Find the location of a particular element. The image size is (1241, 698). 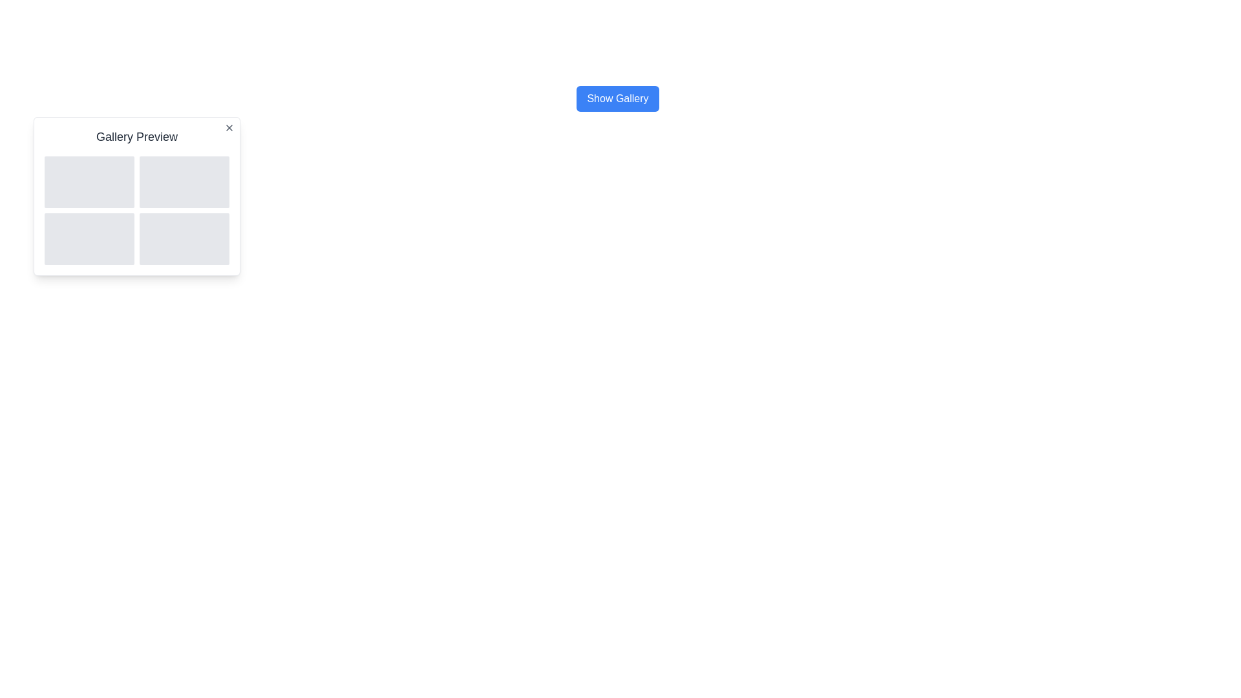

the Visual placeholder block, which is a rectangular gray block with rounded corners located in the top-right quadrant of the grid is located at coordinates (184, 182).